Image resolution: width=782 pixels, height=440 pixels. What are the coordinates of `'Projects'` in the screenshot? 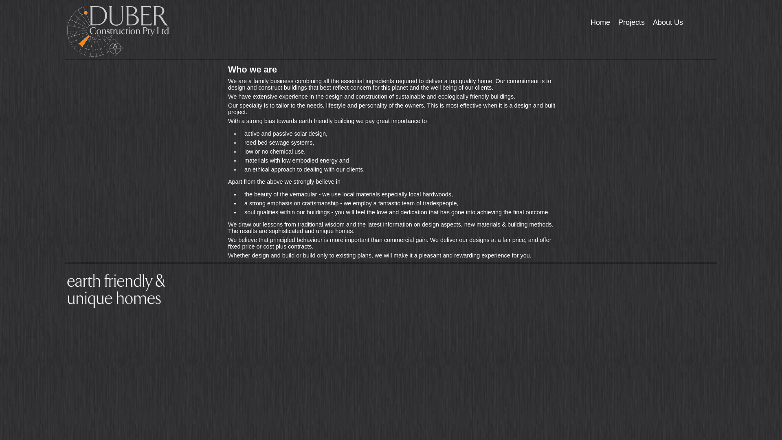 It's located at (631, 22).